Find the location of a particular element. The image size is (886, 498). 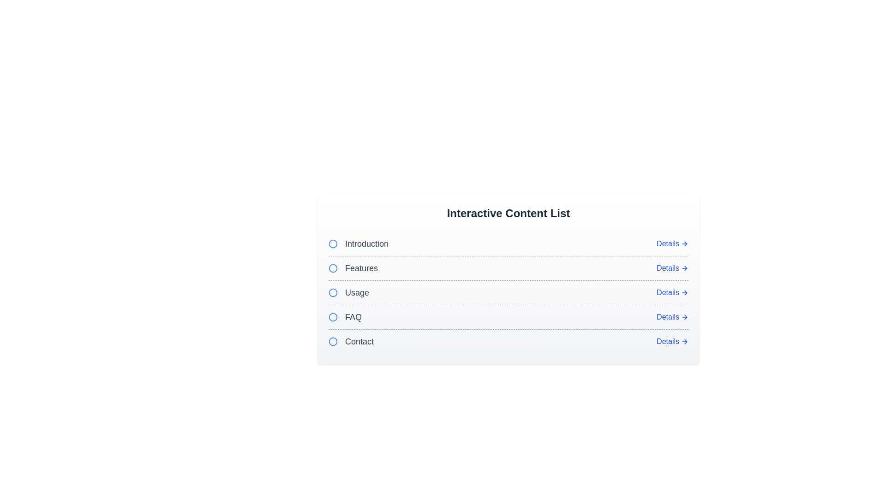

the forward-pointing arrow icon located at the far right of the 'FAQ' row, which indicates navigation or progression is located at coordinates (686, 316).